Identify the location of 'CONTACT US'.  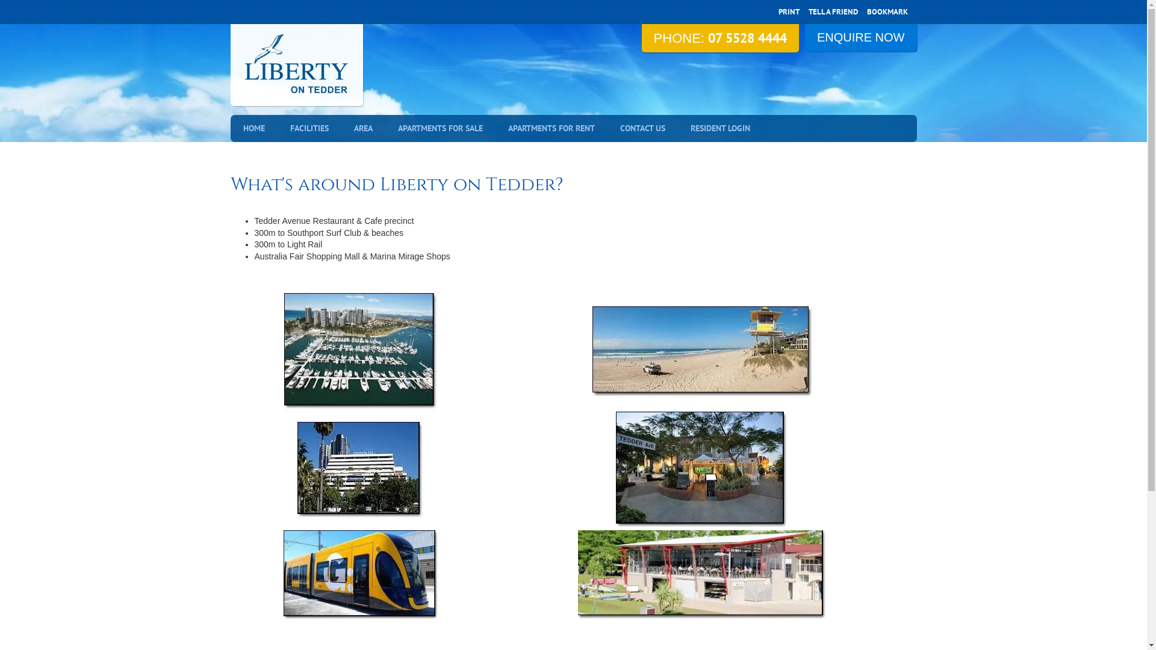
(641, 128).